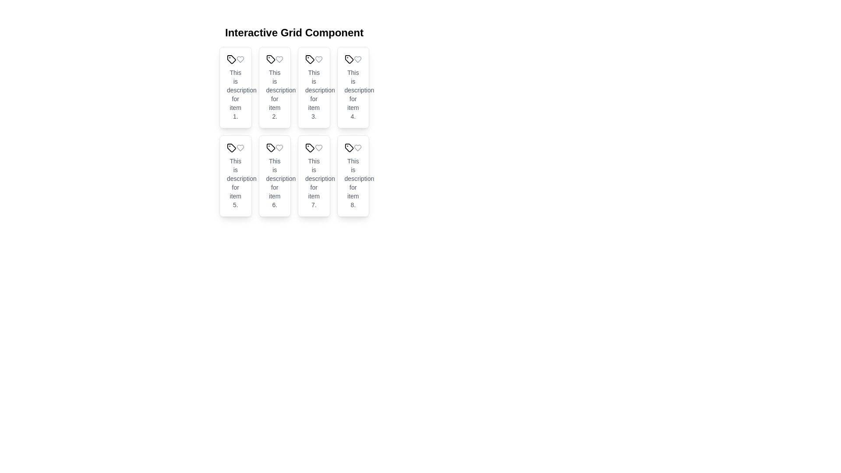 This screenshot has width=841, height=473. What do you see at coordinates (279, 148) in the screenshot?
I see `the heart-shaped SVG icon with a thin border located in the top-right corner of the sixth grid item in a grid layout` at bounding box center [279, 148].